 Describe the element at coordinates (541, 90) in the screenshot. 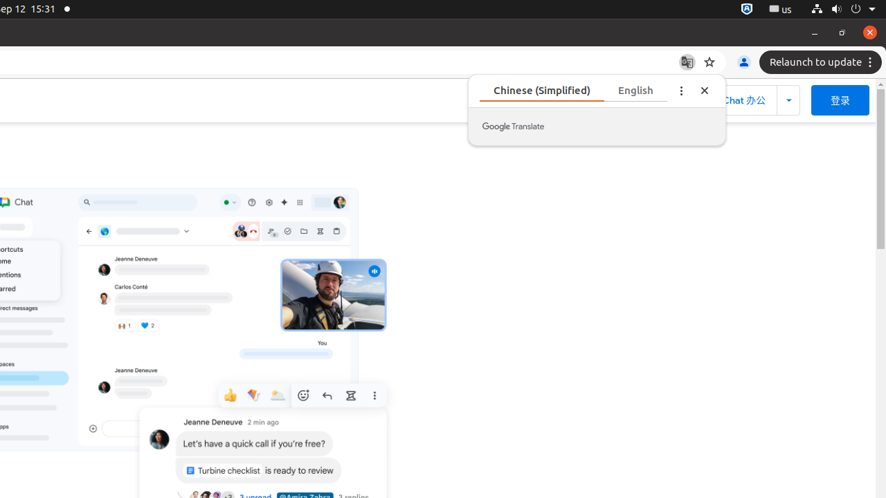

I see `'Chinese (Simplified)'` at that location.